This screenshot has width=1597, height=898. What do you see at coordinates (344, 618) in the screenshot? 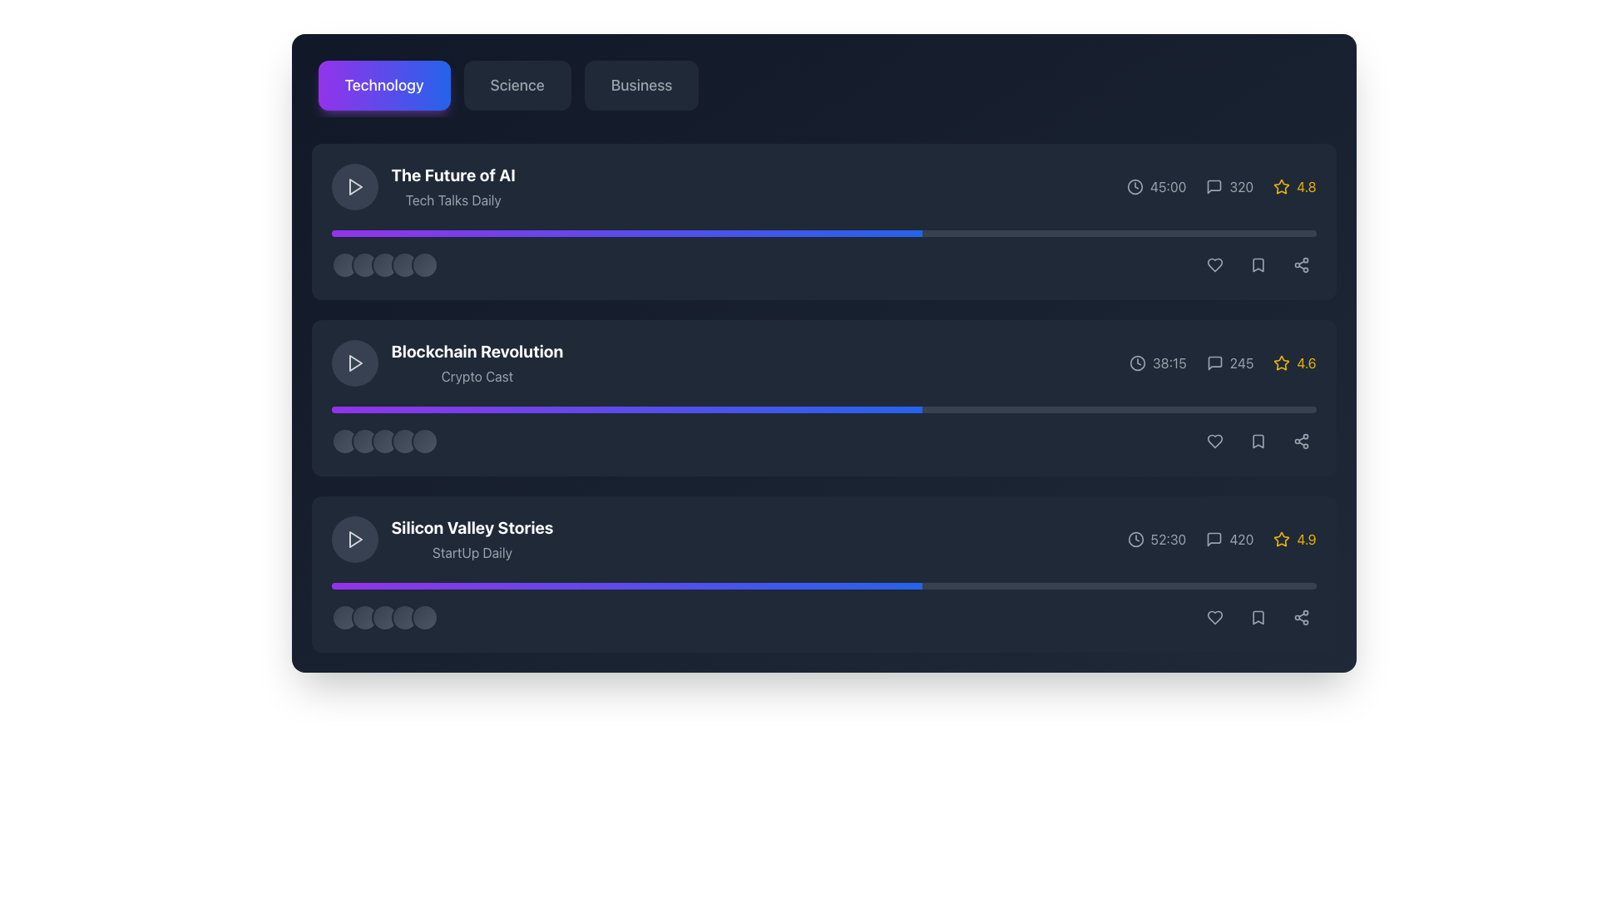
I see `the first circular indicator or status marker, which is the leftmost circle in a row of five, located below the progress bar of the 'Silicon Valley Stories' section` at bounding box center [344, 618].